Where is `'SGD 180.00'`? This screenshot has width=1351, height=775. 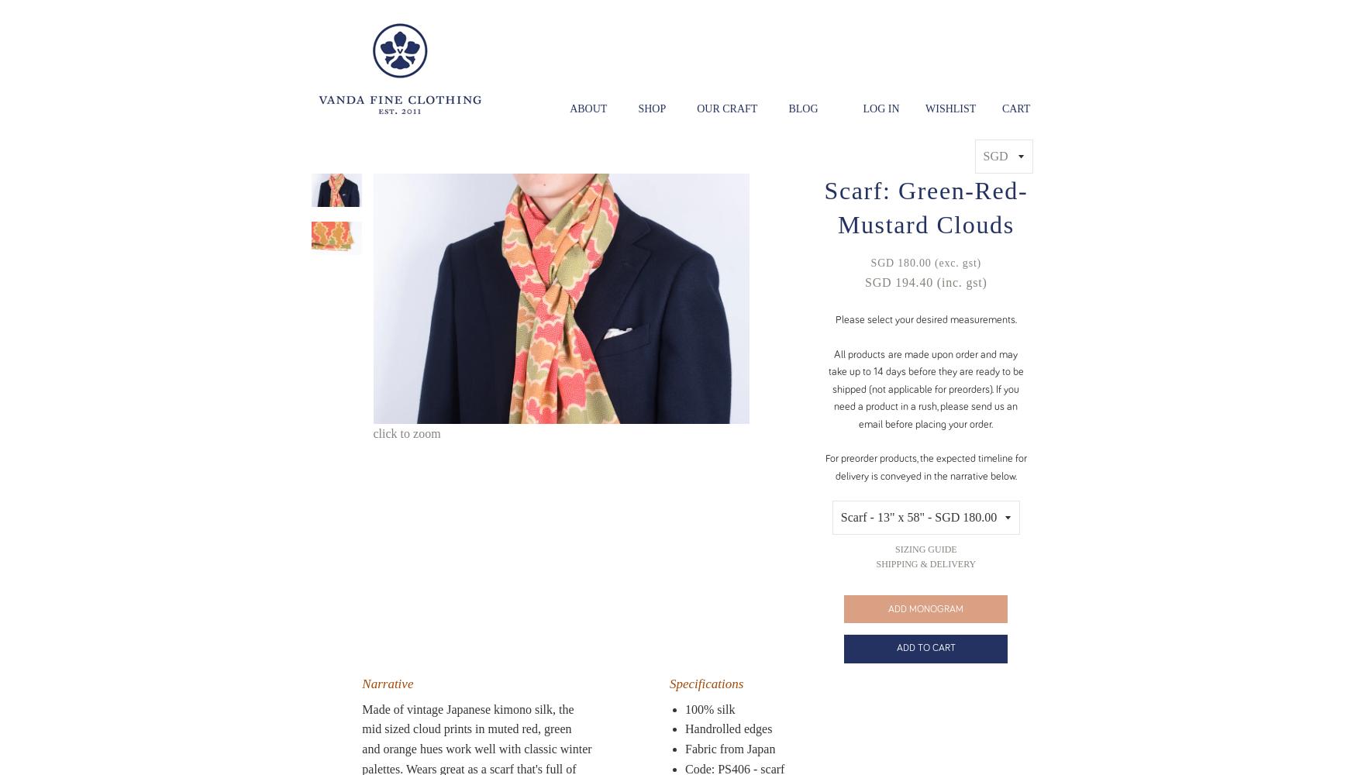
'SGD 180.00' is located at coordinates (901, 262).